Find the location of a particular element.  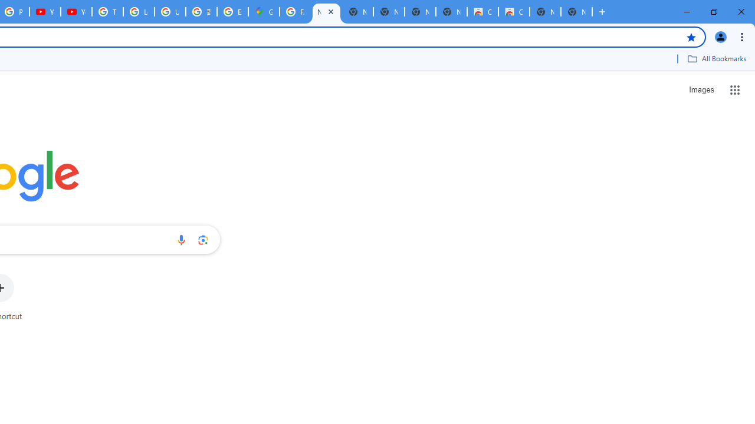

'Explore new street-level details - Google Maps Help' is located at coordinates (232, 12).